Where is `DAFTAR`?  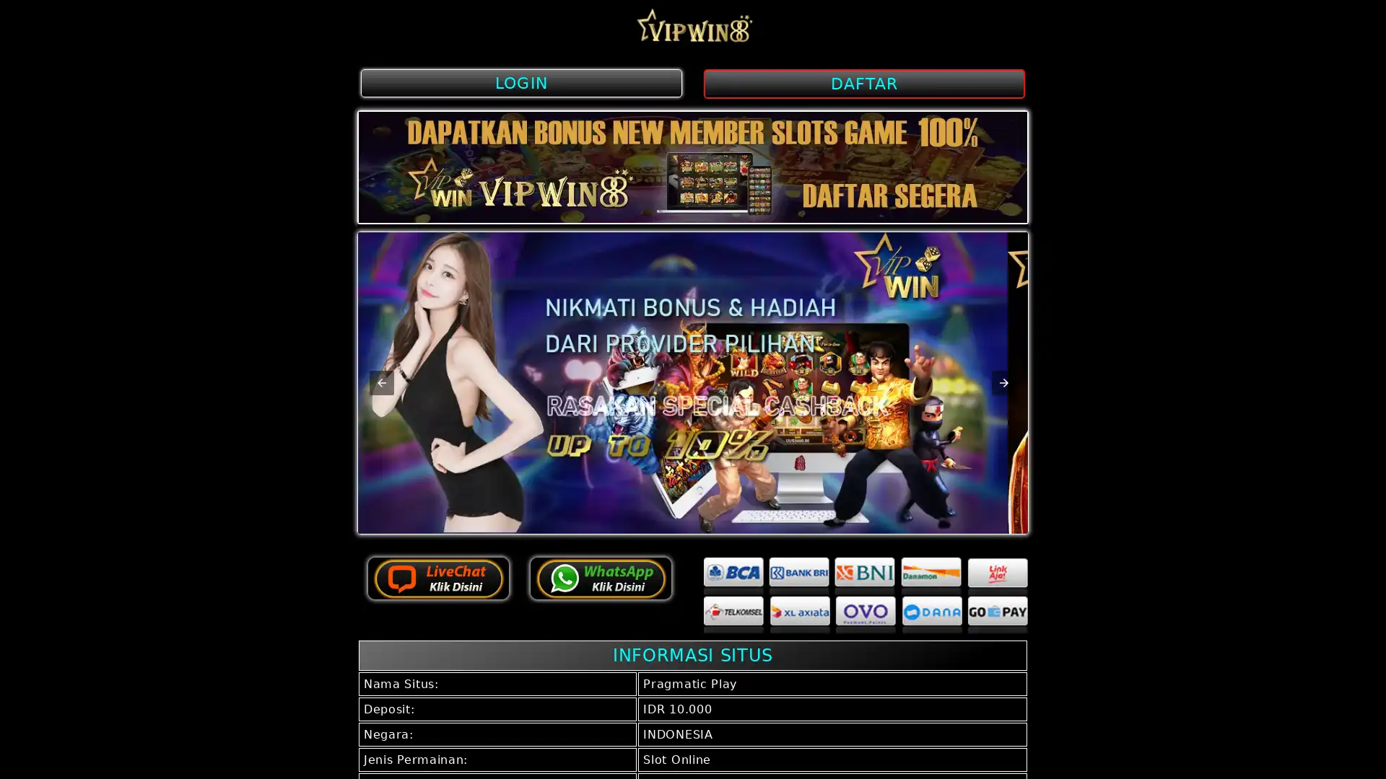 DAFTAR is located at coordinates (864, 84).